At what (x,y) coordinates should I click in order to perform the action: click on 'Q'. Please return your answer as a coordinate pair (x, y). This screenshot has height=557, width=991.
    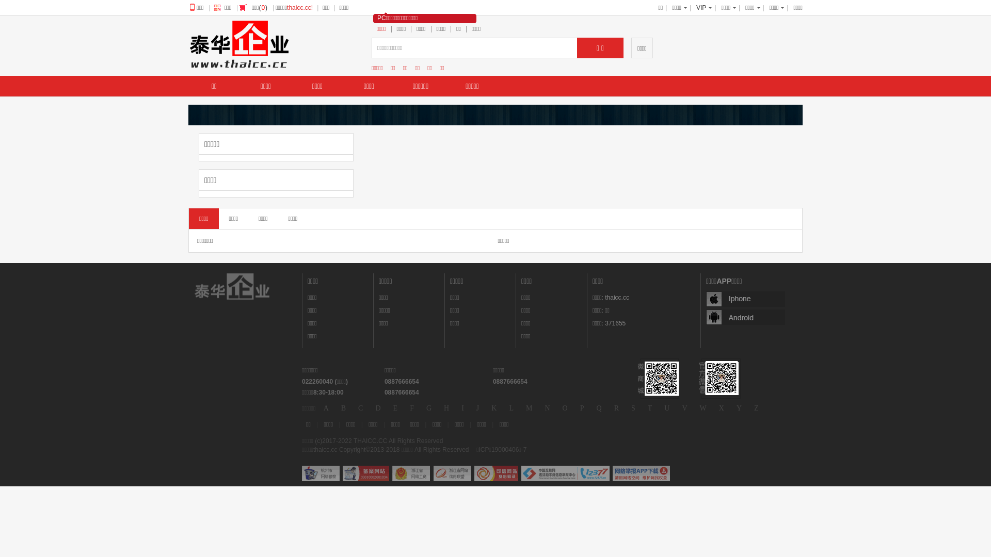
    Looking at the image, I should click on (599, 407).